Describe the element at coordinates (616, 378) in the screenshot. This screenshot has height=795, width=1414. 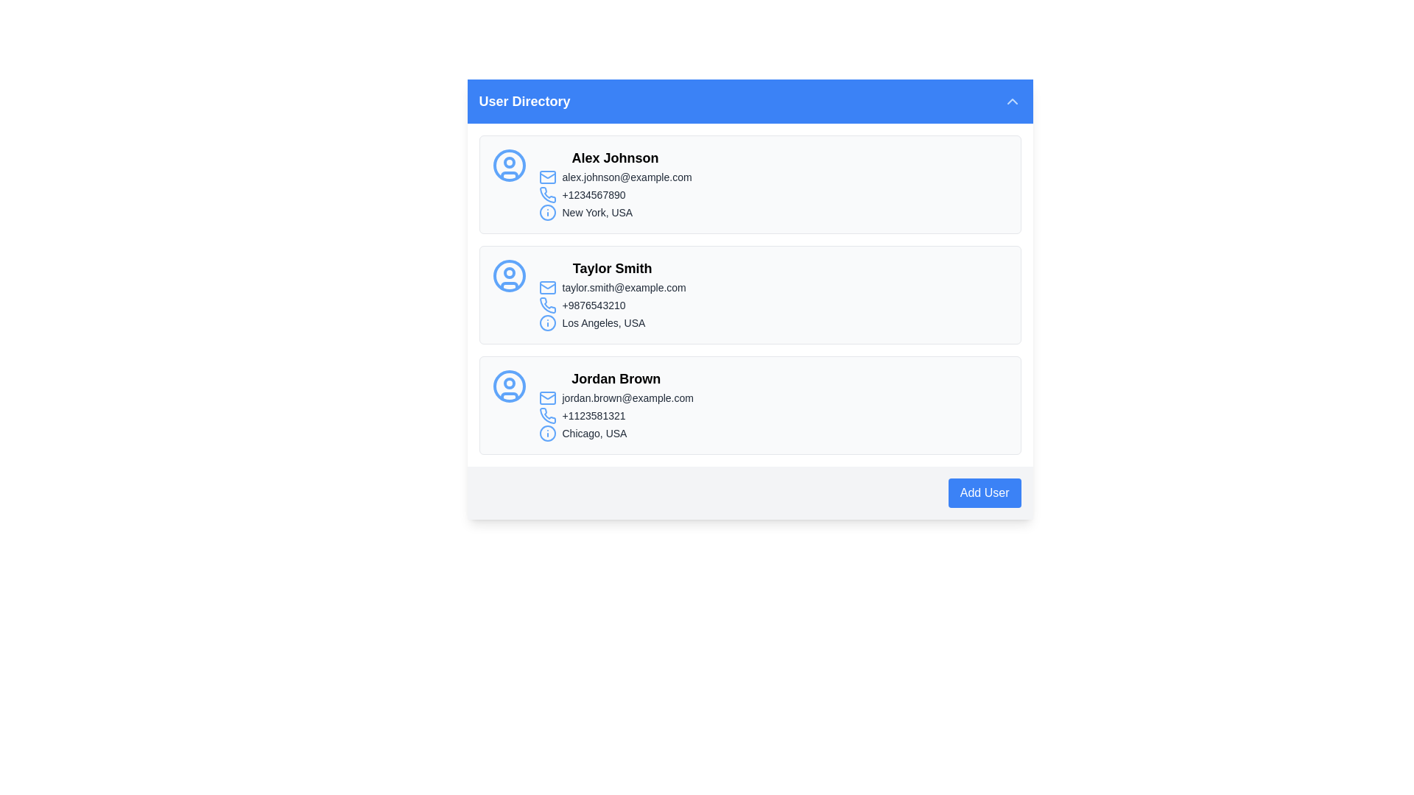
I see `the text label reading 'Jordan Brown' which is the first text item in the third user contact card from the top in a vertical list of user profiles` at that location.